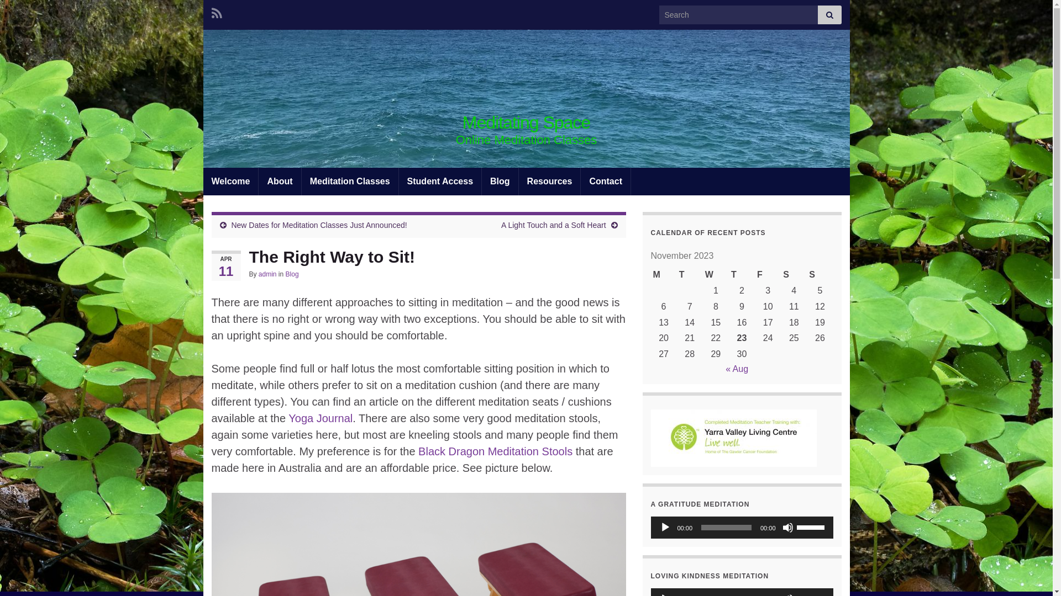 The width and height of the screenshot is (1061, 596). Describe the element at coordinates (318, 225) in the screenshot. I see `'New Dates for Meditation Classes Just Announced!'` at that location.